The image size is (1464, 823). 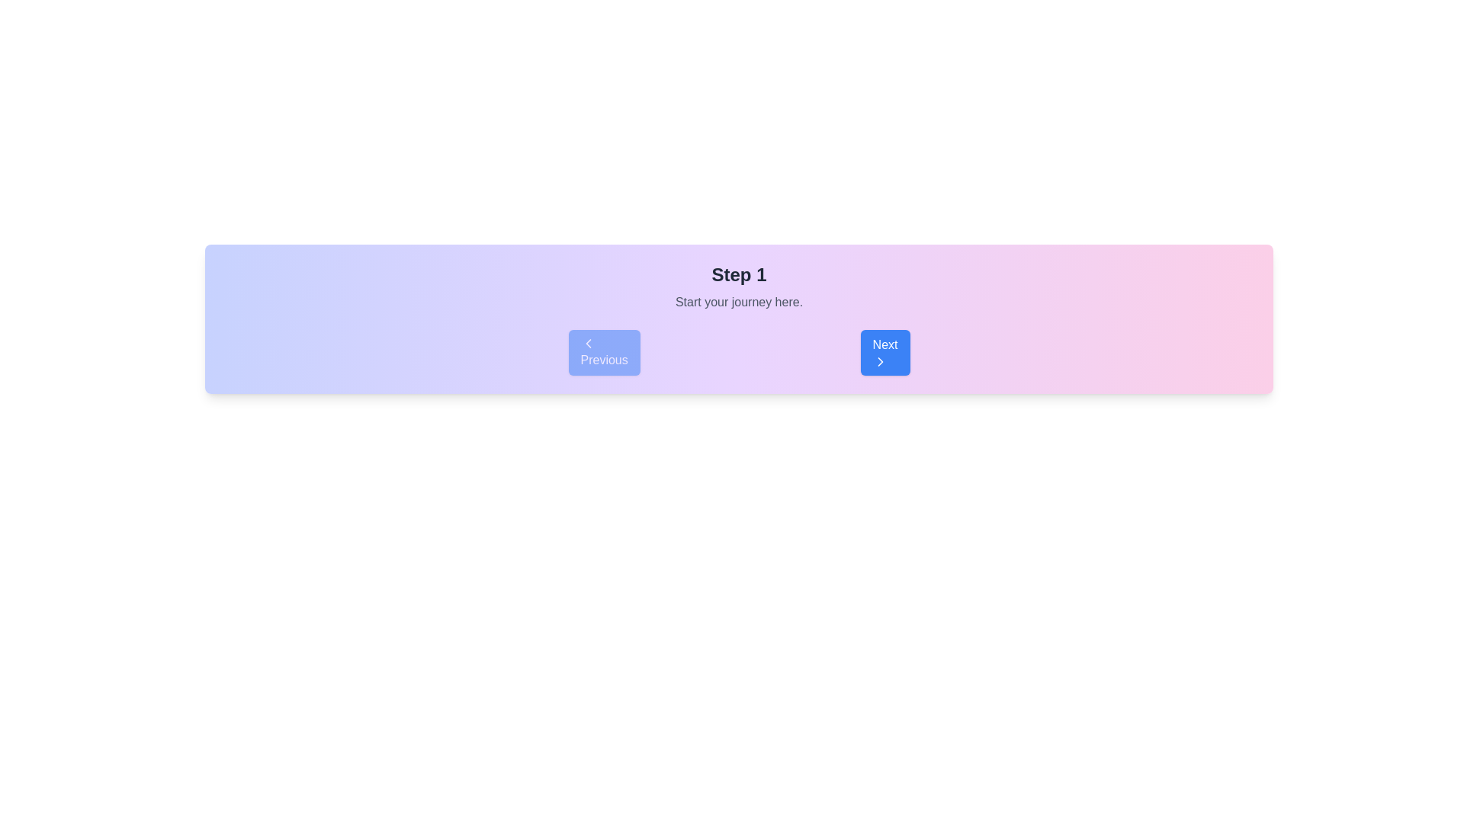 I want to click on the static text label indicating the first step in a sequence or process, located at the top center of the section above the 'Start your journey here' text, so click(x=739, y=275).